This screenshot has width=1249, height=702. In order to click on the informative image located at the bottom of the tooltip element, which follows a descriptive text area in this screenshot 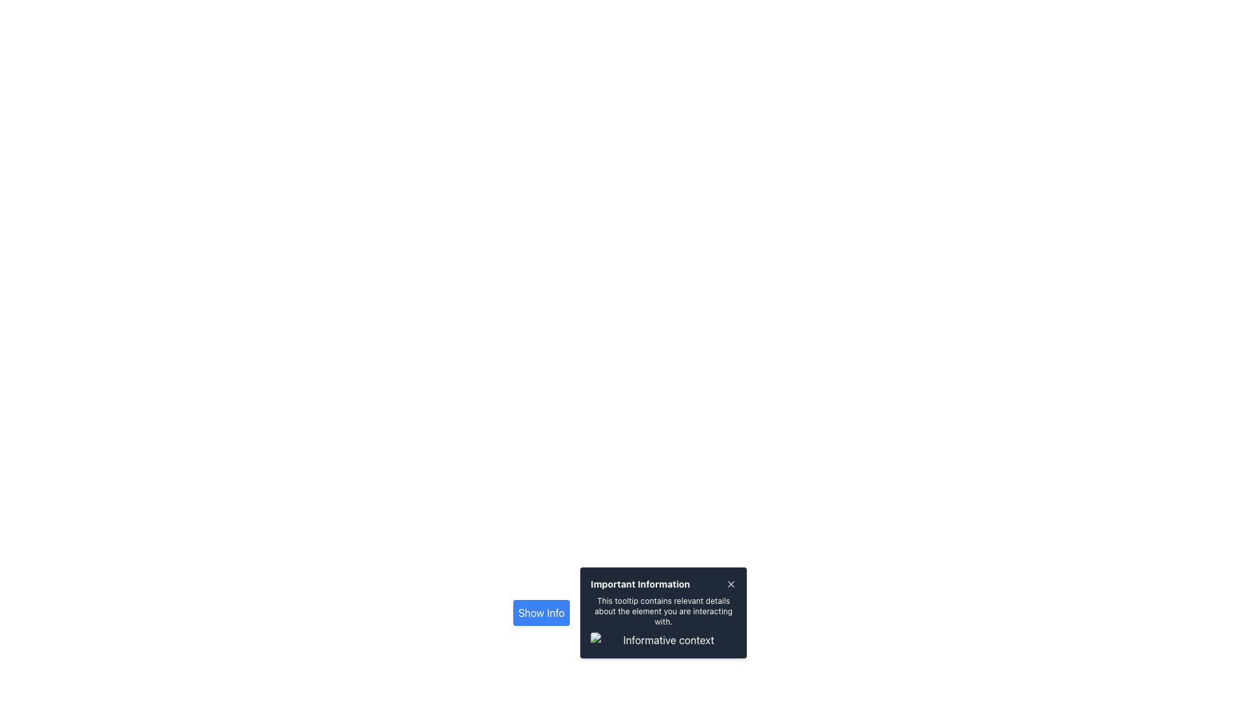, I will do `click(664, 639)`.